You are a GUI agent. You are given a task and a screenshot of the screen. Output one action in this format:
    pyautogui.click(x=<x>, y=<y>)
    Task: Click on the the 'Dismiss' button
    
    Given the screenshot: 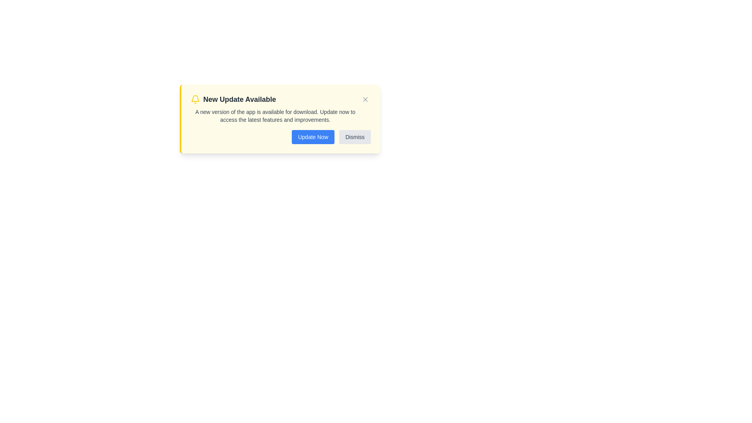 What is the action you would take?
    pyautogui.click(x=354, y=137)
    